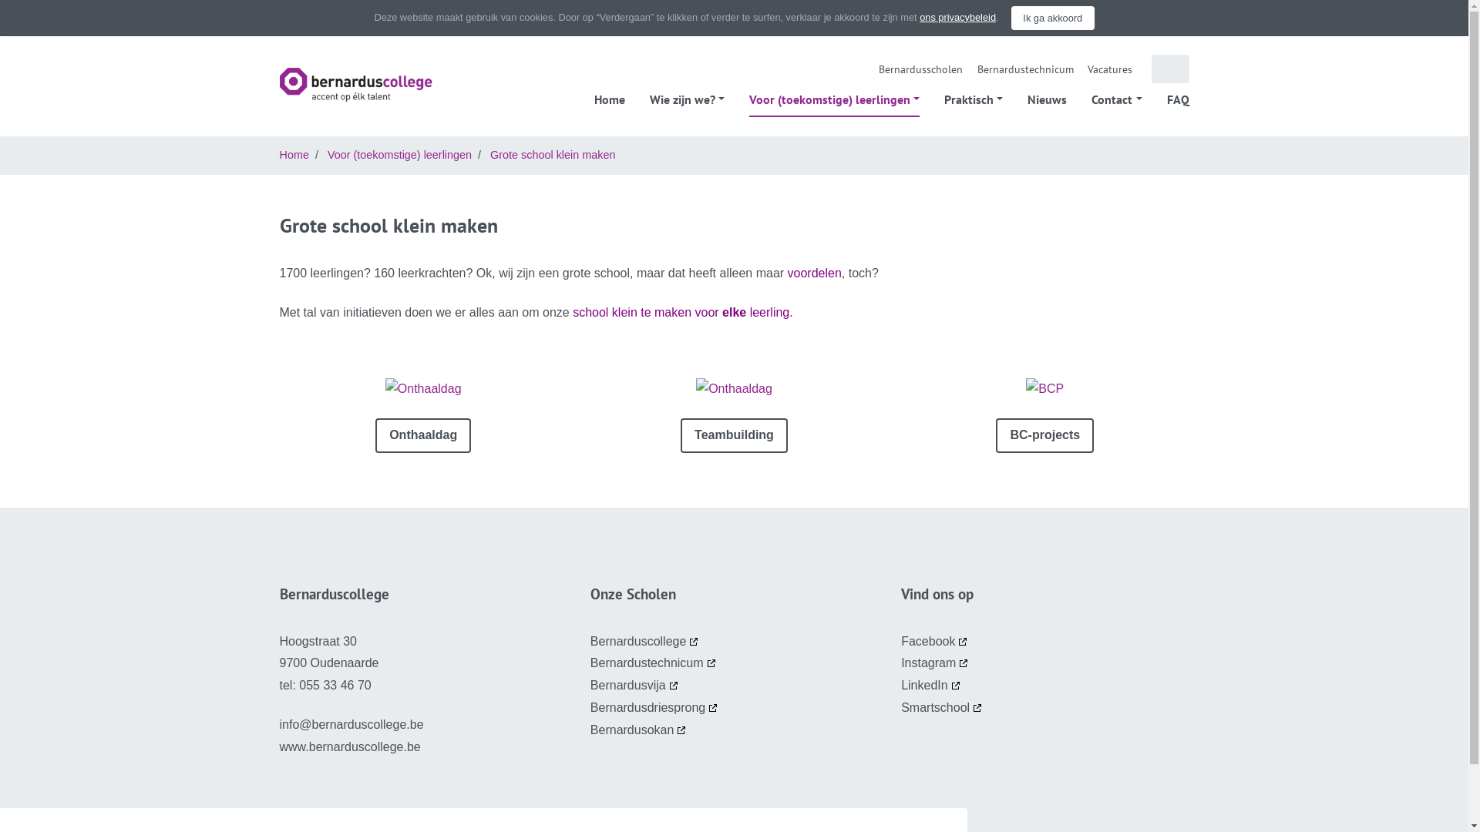 Image resolution: width=1480 pixels, height=832 pixels. What do you see at coordinates (552, 154) in the screenshot?
I see `'Grote school klein maken'` at bounding box center [552, 154].